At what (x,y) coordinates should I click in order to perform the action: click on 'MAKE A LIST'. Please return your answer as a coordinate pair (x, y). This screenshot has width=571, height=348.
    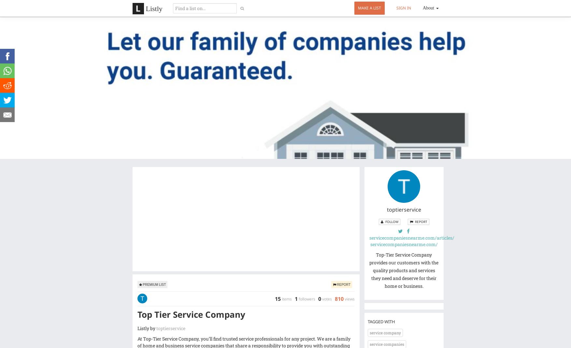
    Looking at the image, I should click on (369, 7).